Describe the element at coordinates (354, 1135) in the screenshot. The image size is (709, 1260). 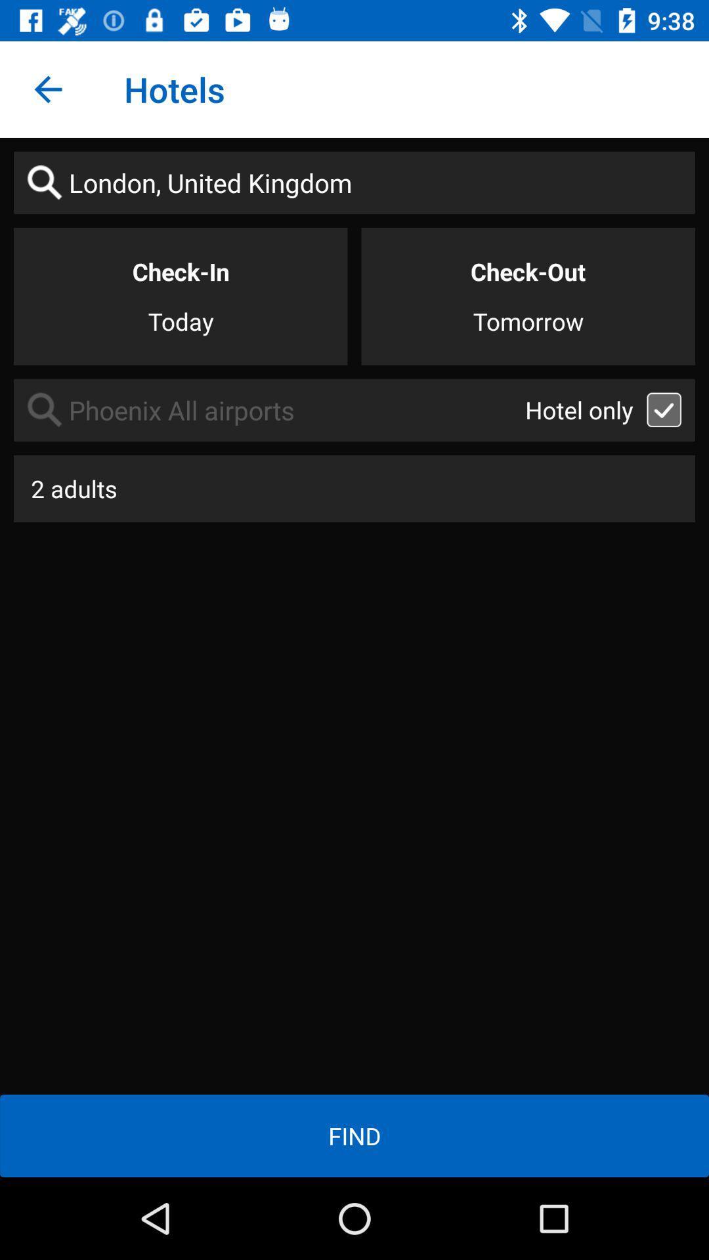
I see `item below 2 adults icon` at that location.